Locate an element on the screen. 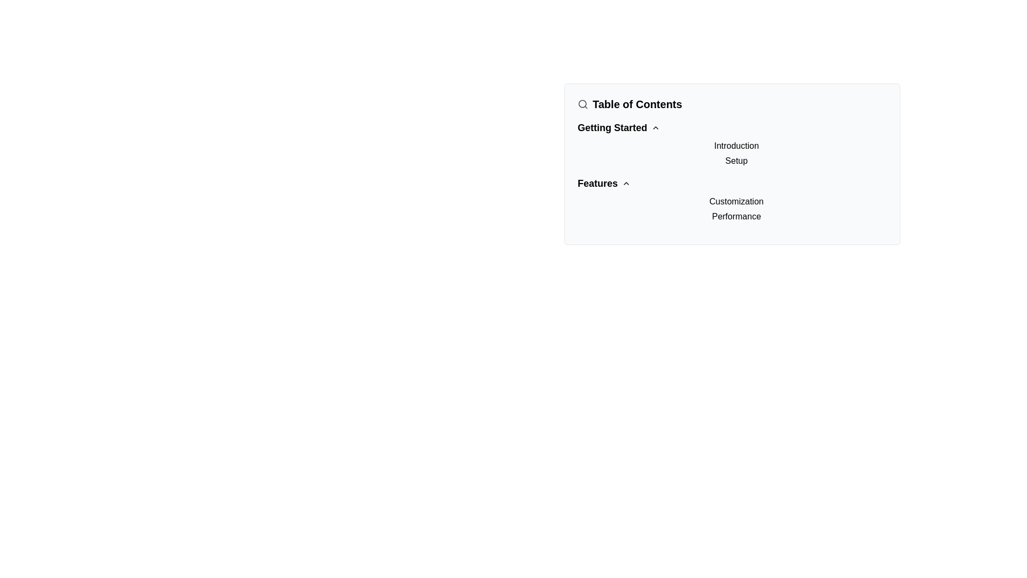  the 'Customization' title in the Sub-list content section located under the 'Features' header in the 'Table of Contents' is located at coordinates (731, 200).